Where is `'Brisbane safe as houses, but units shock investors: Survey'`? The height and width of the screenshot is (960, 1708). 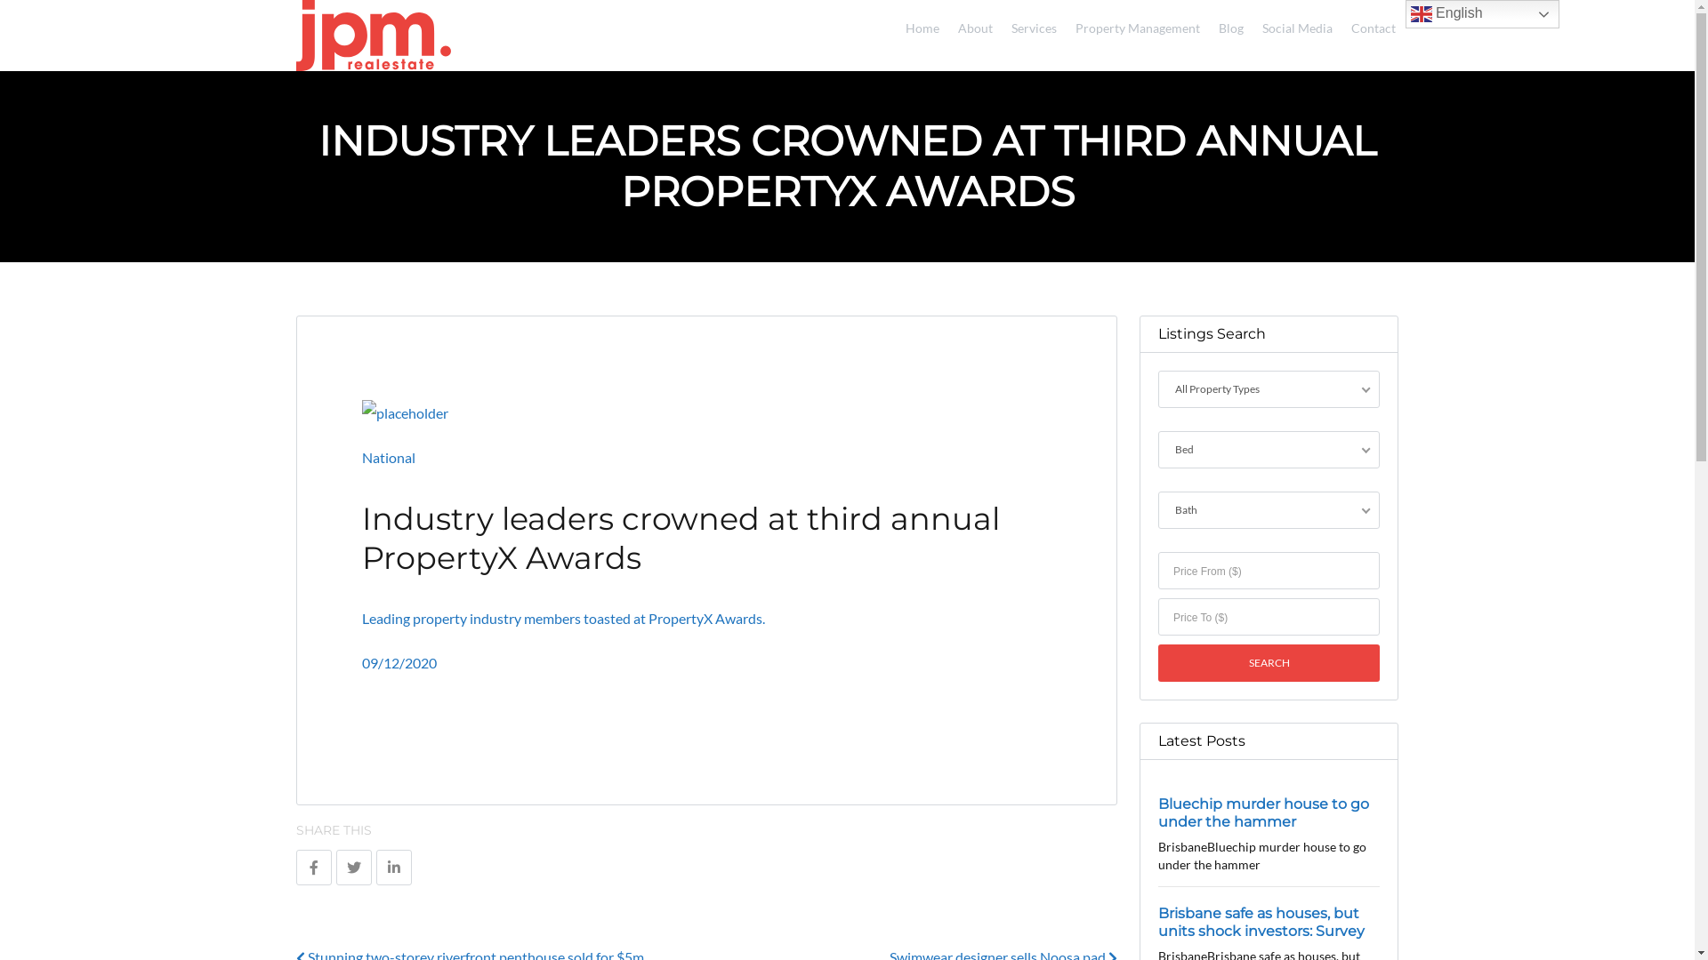 'Brisbane safe as houses, but units shock investors: Survey' is located at coordinates (1260, 921).